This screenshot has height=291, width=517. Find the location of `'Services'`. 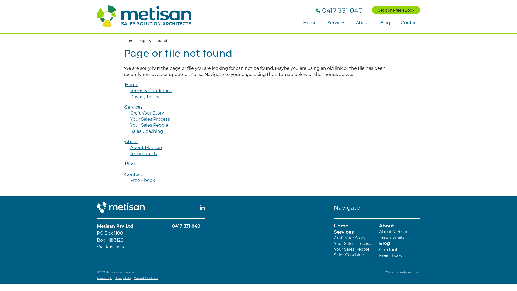

'Services' is located at coordinates (336, 23).